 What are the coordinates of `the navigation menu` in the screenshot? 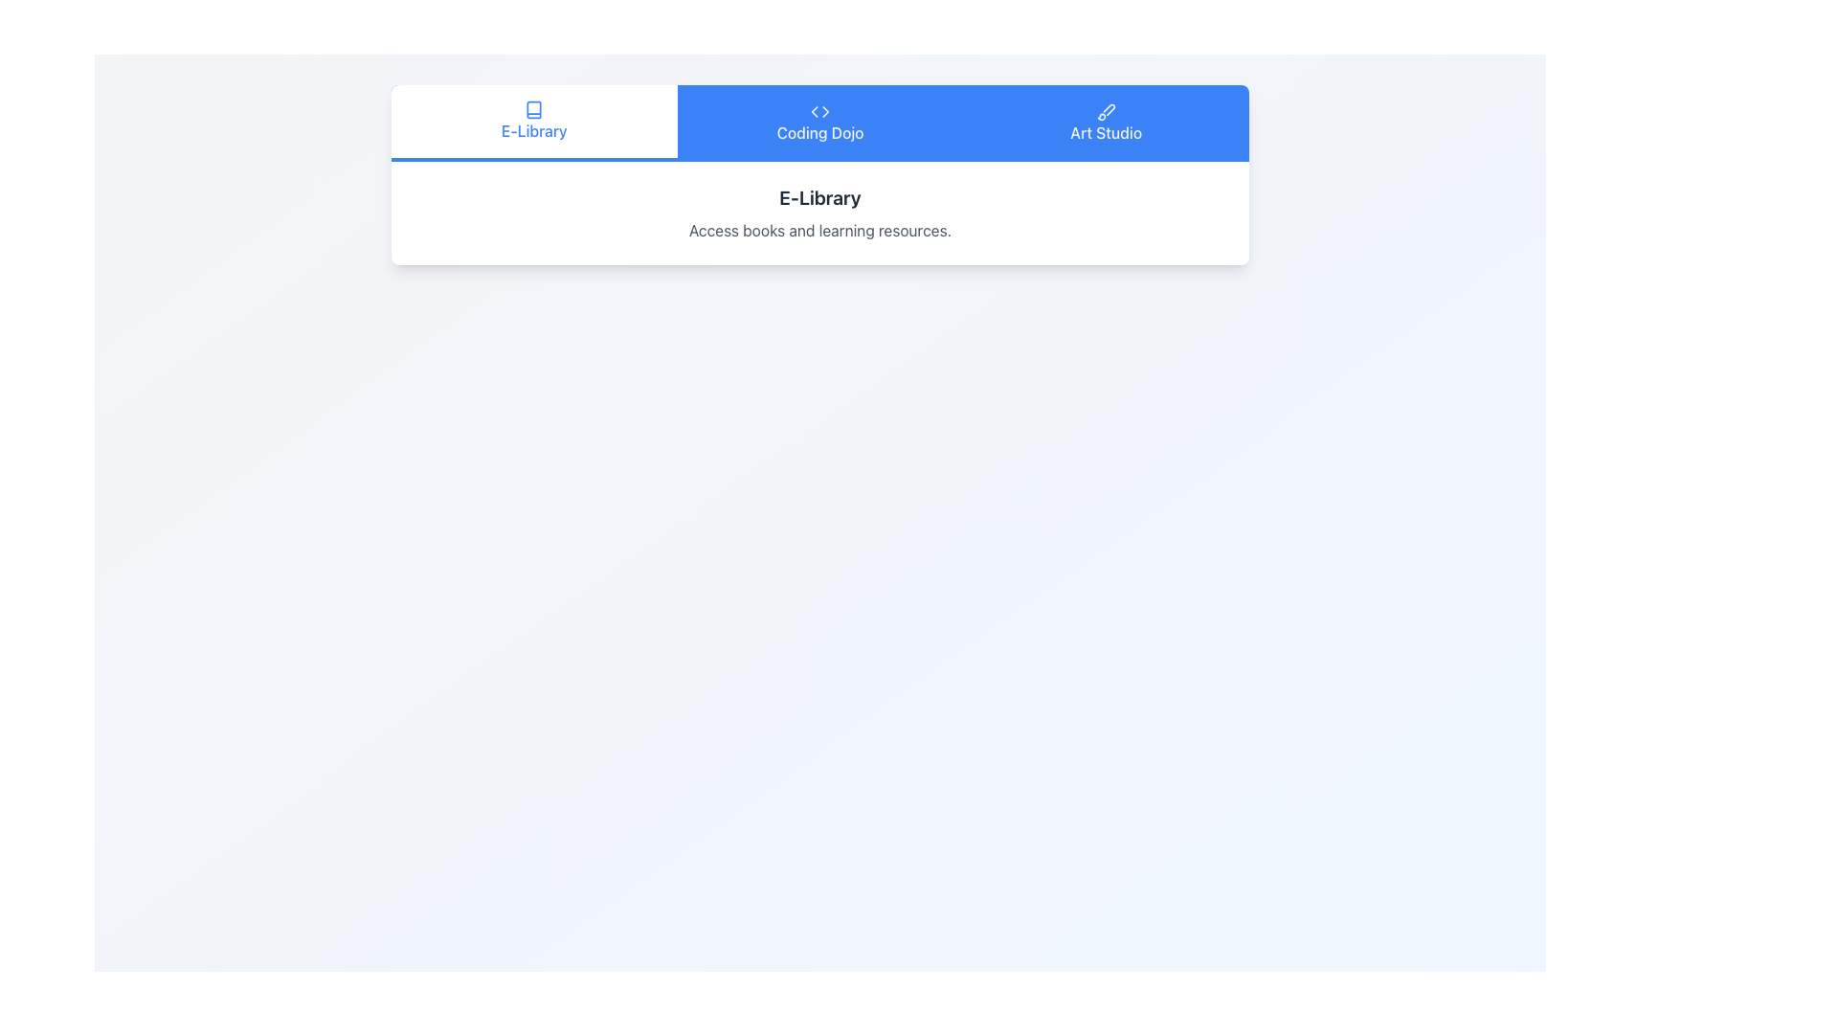 It's located at (820, 123).